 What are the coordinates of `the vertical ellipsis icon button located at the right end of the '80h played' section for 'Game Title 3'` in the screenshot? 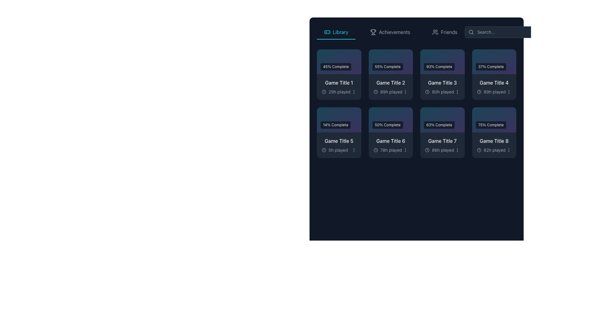 It's located at (457, 92).